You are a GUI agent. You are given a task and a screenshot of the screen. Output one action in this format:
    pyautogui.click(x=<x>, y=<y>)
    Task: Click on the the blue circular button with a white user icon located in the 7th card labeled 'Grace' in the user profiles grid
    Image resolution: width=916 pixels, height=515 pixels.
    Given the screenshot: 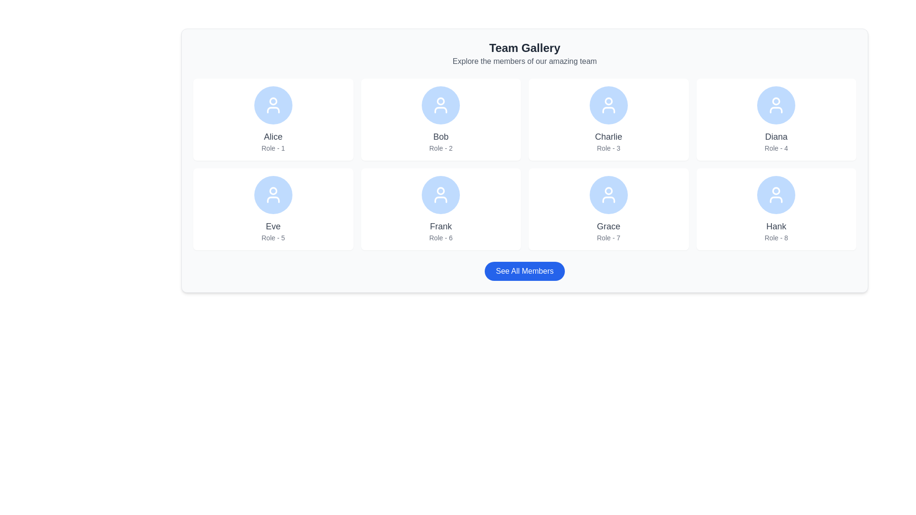 What is the action you would take?
    pyautogui.click(x=608, y=194)
    